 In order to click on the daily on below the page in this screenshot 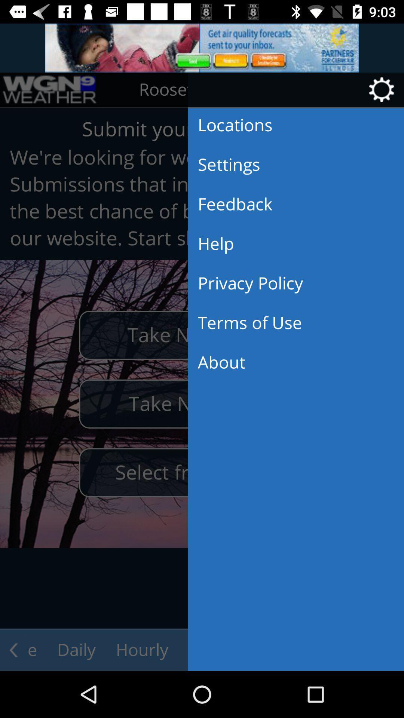, I will do `click(76, 650)`.